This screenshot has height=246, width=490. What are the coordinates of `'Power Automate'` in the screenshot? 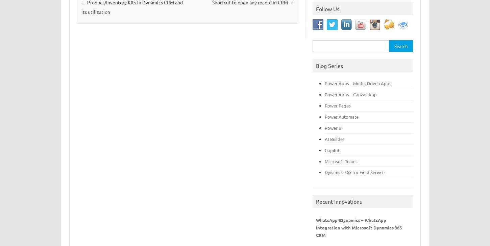 It's located at (341, 116).